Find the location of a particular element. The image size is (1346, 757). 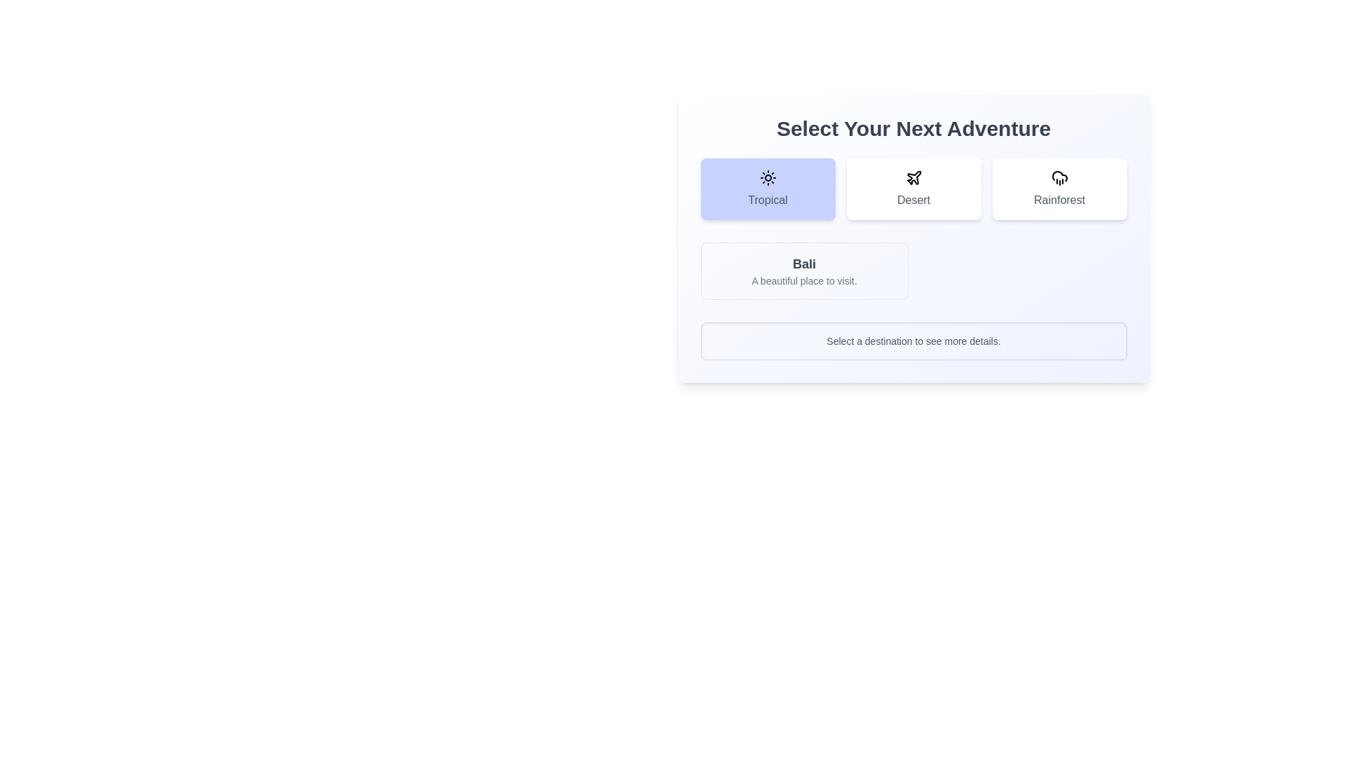

the informational text box located at the bottom of the 'Select Your Next Adventure' section, positioned directly below the 'Bali' choice is located at coordinates (913, 341).